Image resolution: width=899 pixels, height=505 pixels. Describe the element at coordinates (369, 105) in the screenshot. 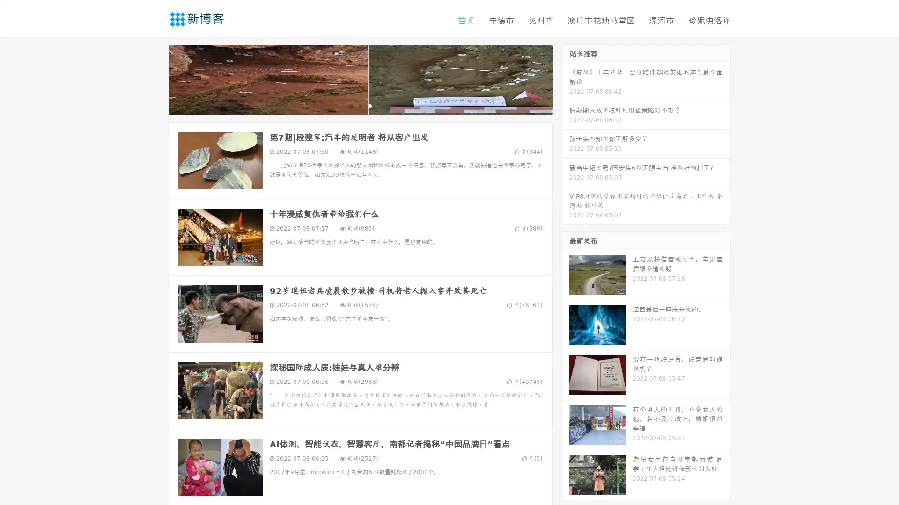

I see `Go to slide 3` at that location.